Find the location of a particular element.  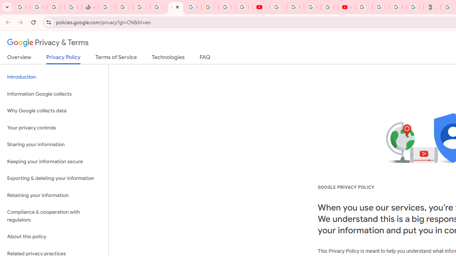

'Content Creator Programs & Opportunities - YouTube Creators' is located at coordinates (346, 7).